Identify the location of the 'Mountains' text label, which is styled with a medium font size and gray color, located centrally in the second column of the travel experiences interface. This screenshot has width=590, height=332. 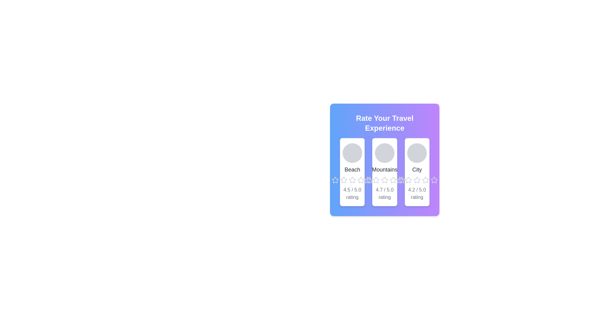
(384, 169).